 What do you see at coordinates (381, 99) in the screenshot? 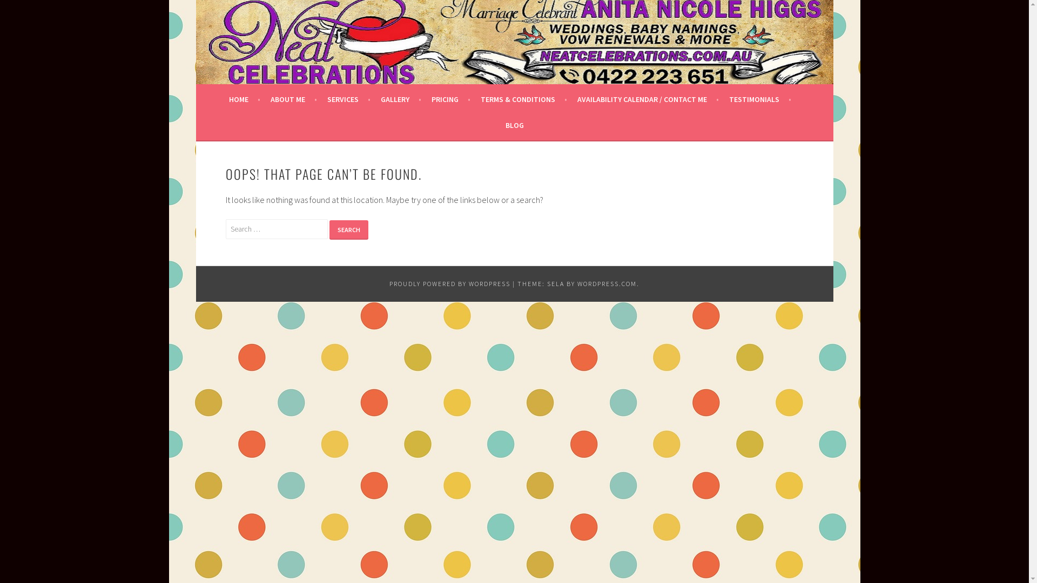
I see `'GALLERY'` at bounding box center [381, 99].